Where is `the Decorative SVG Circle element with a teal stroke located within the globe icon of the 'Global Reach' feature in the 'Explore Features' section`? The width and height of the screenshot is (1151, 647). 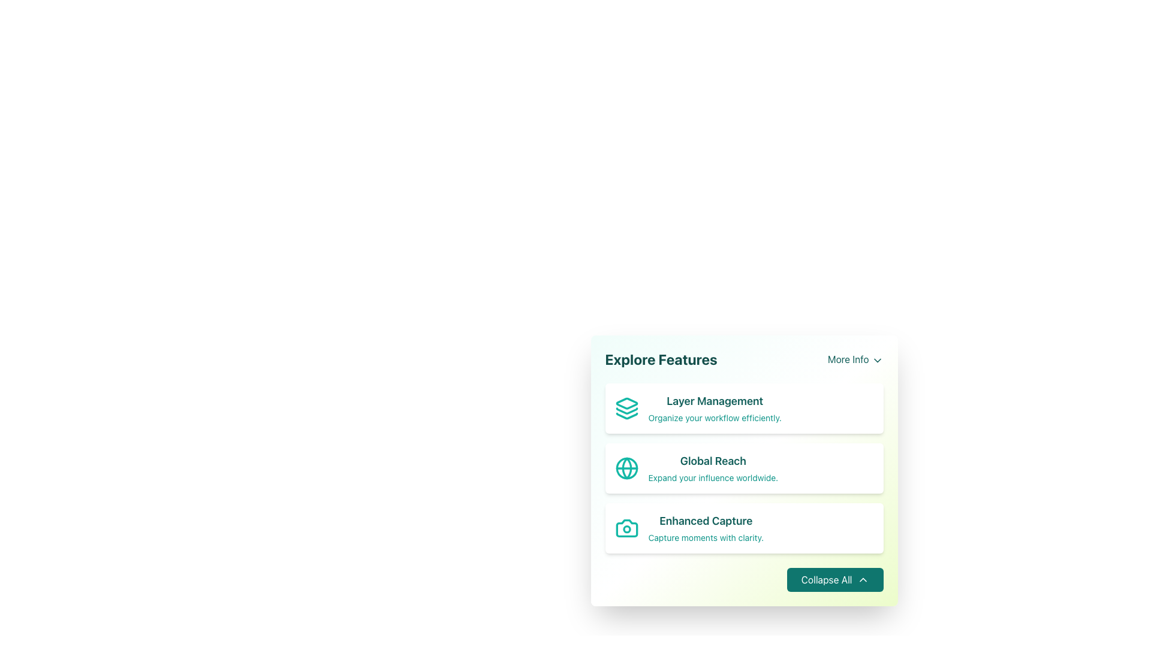
the Decorative SVG Circle element with a teal stroke located within the globe icon of the 'Global Reach' feature in the 'Explore Features' section is located at coordinates (626, 468).